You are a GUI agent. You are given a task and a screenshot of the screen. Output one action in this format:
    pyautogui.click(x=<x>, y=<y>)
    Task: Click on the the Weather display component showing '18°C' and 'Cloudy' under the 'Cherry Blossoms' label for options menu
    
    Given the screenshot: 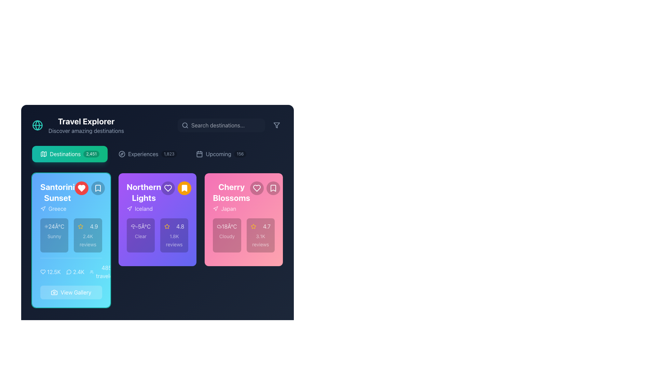 What is the action you would take?
    pyautogui.click(x=227, y=235)
    